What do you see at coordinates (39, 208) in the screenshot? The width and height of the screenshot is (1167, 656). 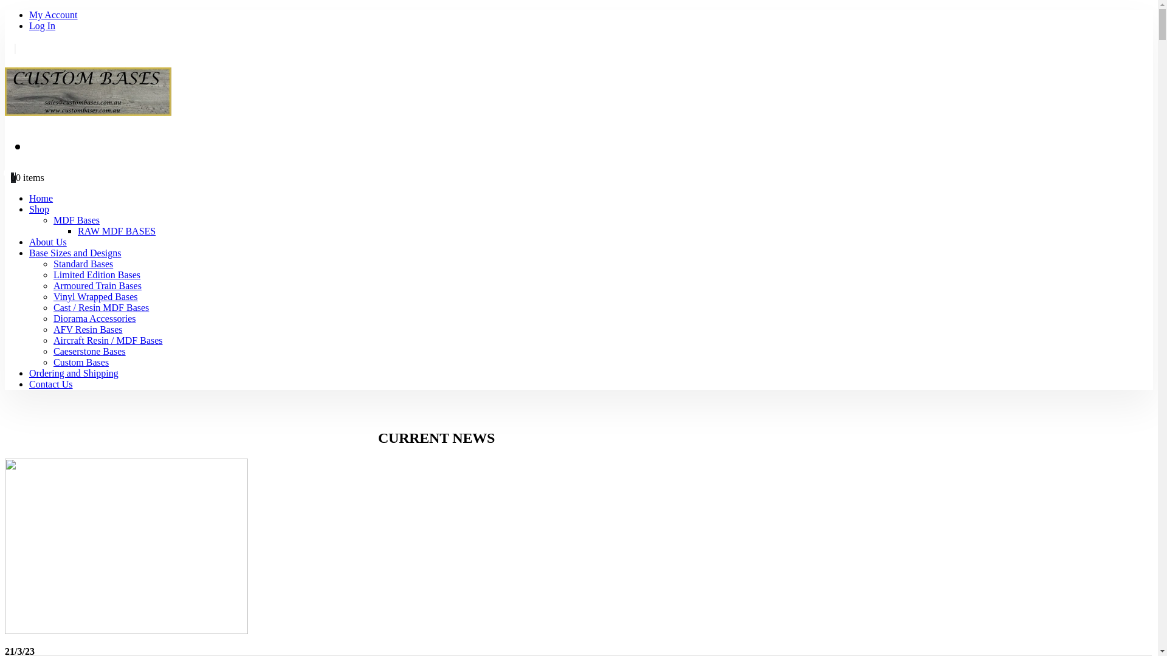 I see `'Shop'` at bounding box center [39, 208].